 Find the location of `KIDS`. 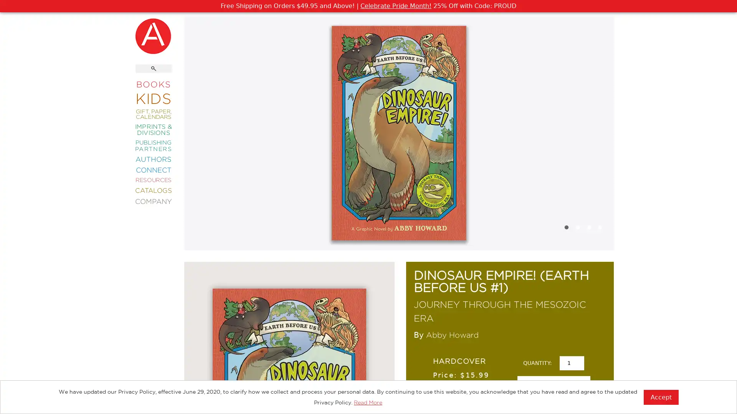

KIDS is located at coordinates (153, 97).